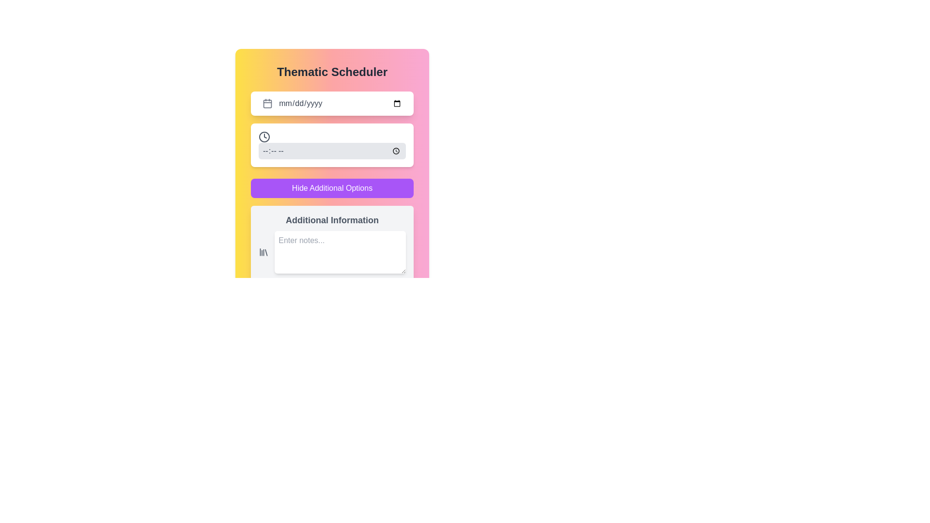 Image resolution: width=930 pixels, height=523 pixels. I want to click on the button located below the time input field and above the 'Additional Information' section in the thematic scheduler card, so click(332, 188).